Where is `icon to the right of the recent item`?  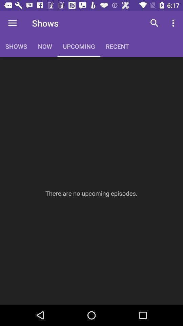 icon to the right of the recent item is located at coordinates (154, 23).